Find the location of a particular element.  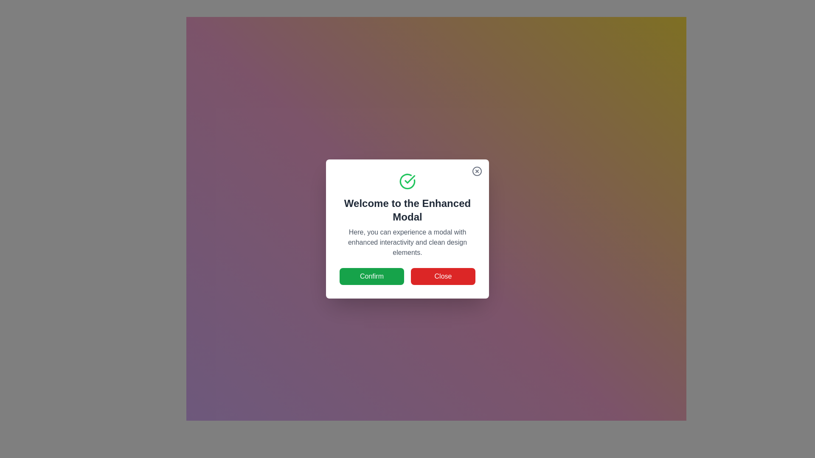

the title text element located centrally in the modal window, positioned below a green checkmark icon and above a descriptive text block is located at coordinates (407, 210).